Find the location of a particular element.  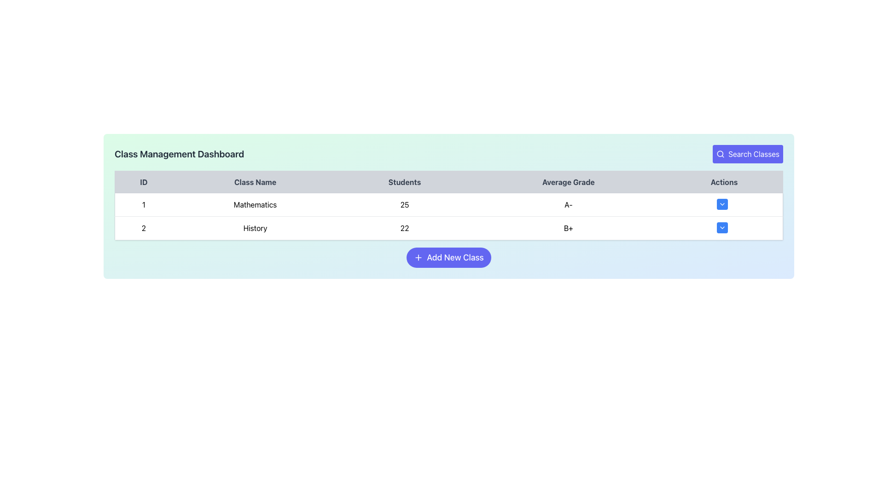

the static text element displaying the grade 'B+' for the 'History' class, located in the fourth column of the second row under the 'Average Grade' column is located at coordinates (568, 228).